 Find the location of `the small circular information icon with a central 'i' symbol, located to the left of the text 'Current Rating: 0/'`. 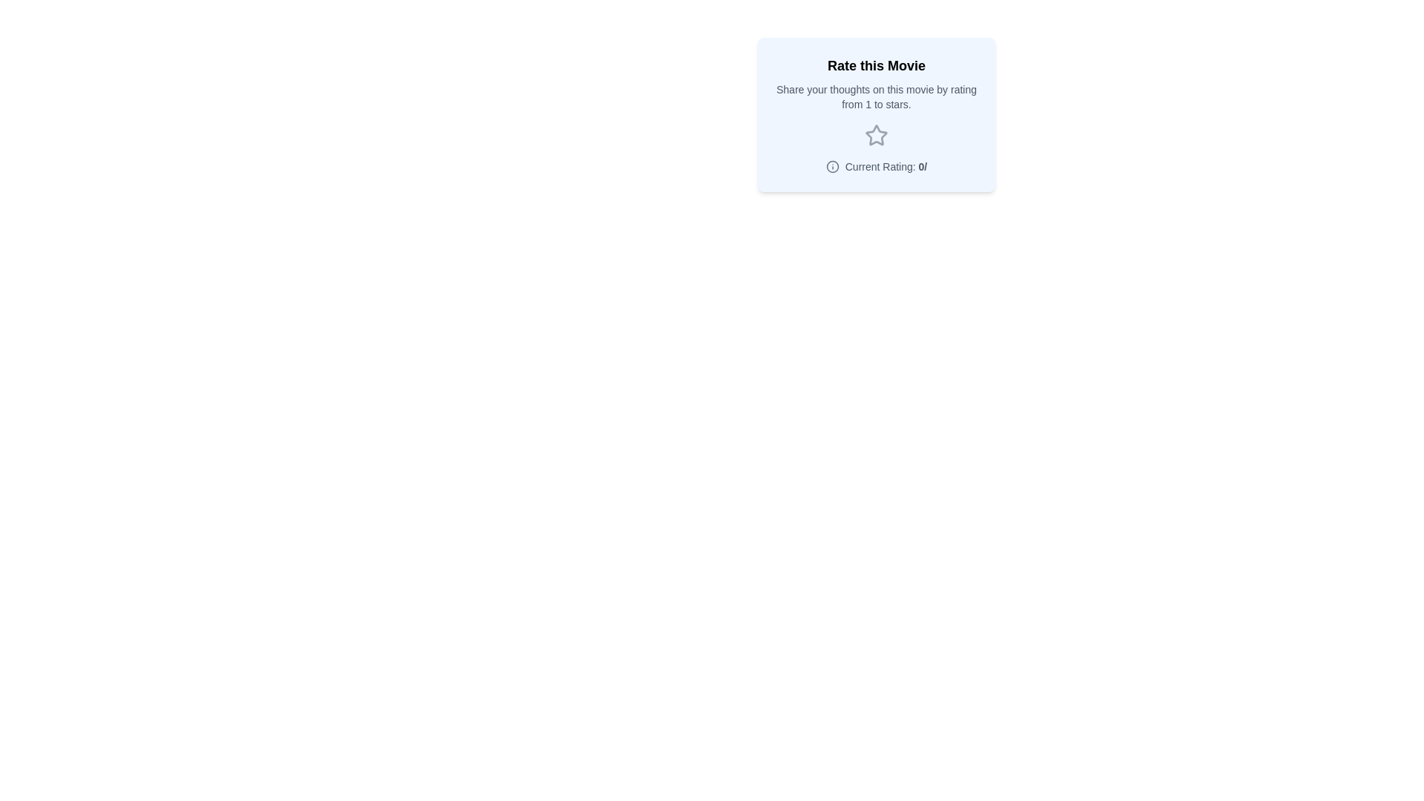

the small circular information icon with a central 'i' symbol, located to the left of the text 'Current Rating: 0/' is located at coordinates (832, 166).